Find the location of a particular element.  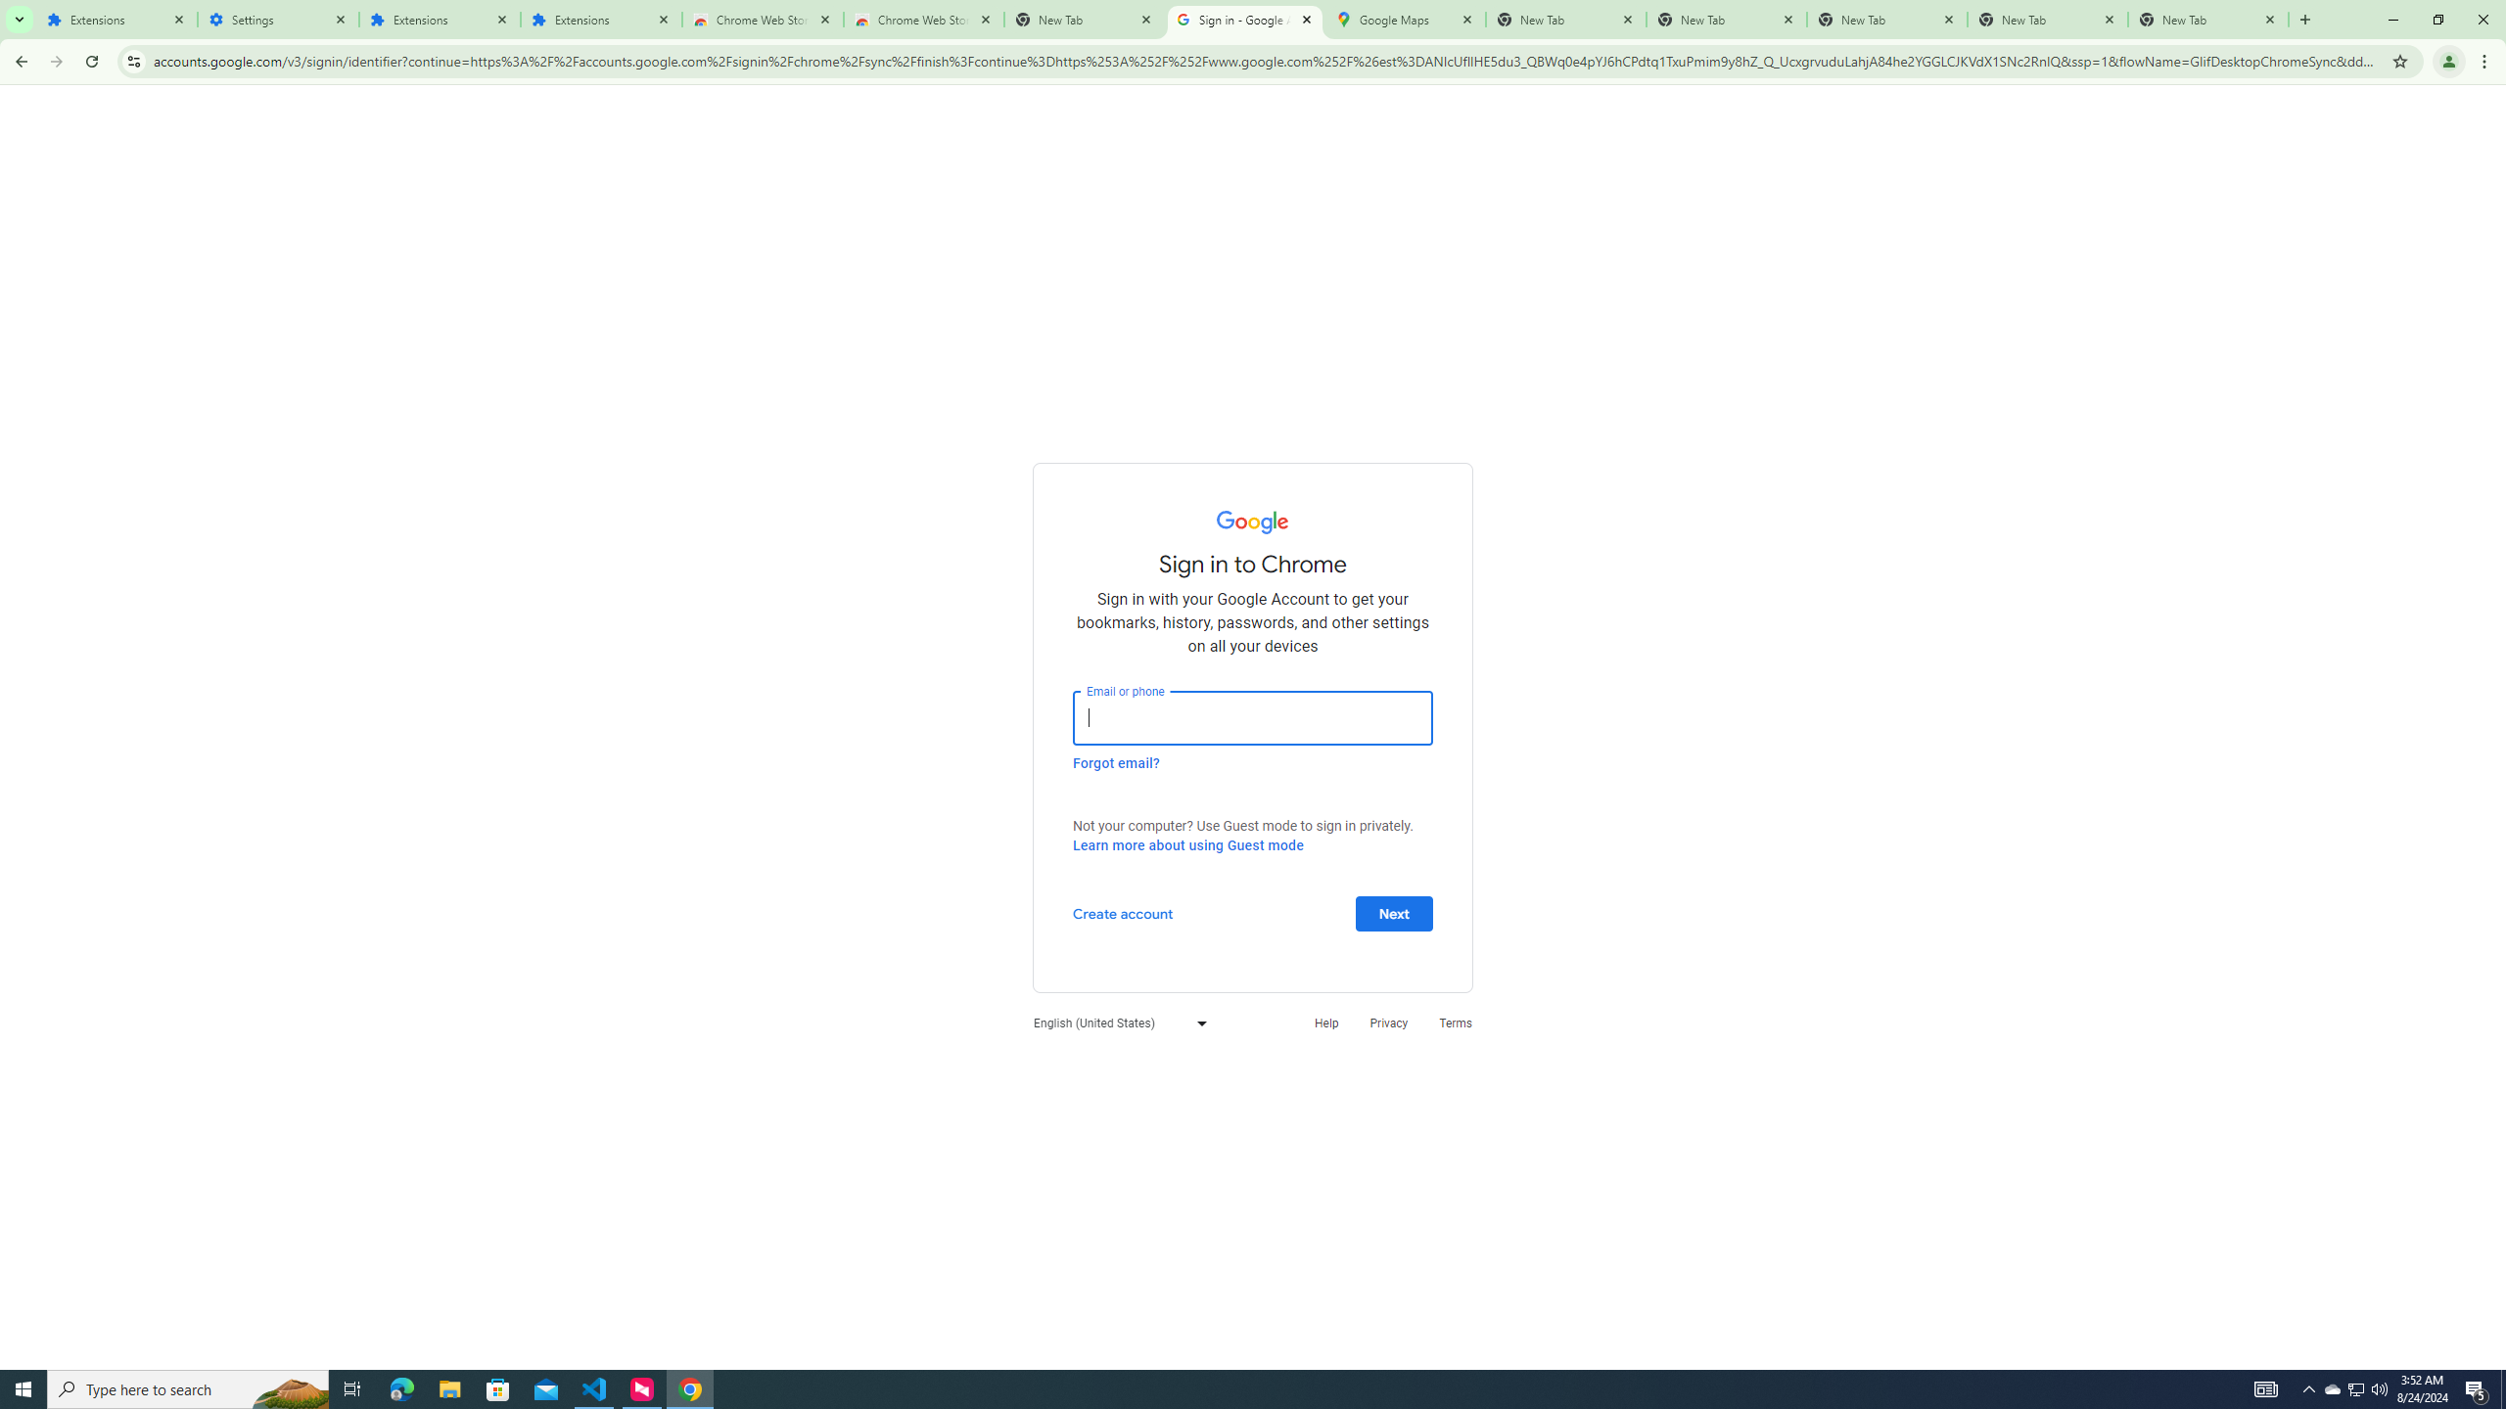

'Learn more about using Guest mode' is located at coordinates (1186, 844).